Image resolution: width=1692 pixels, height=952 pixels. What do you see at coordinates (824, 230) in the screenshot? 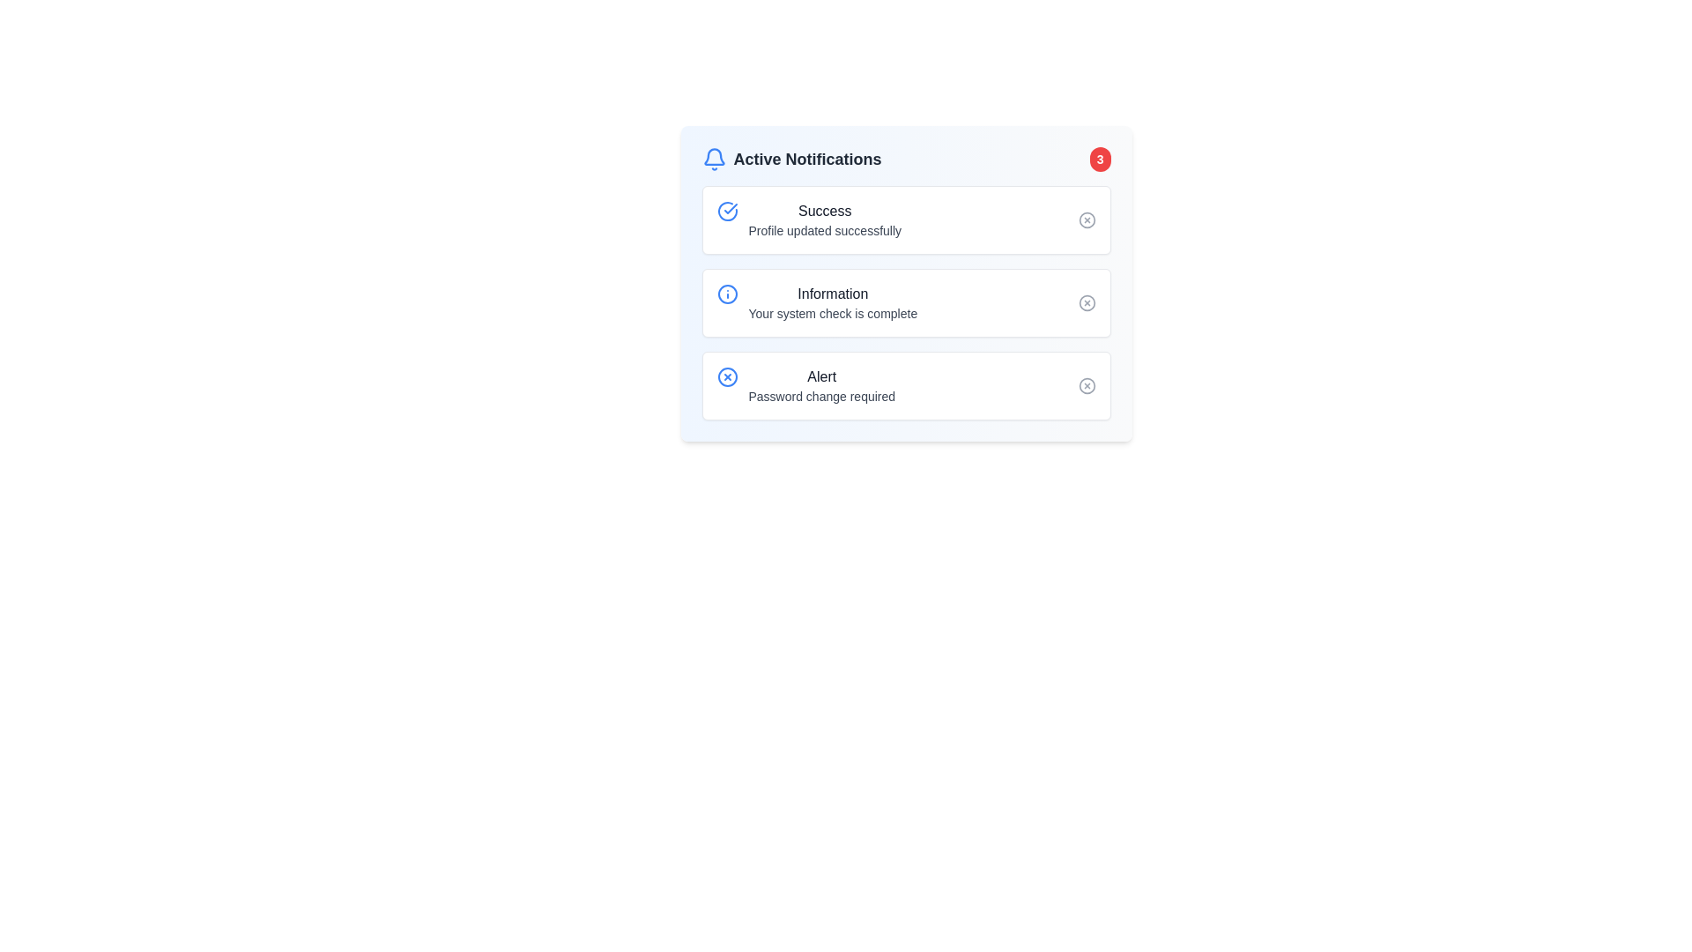
I see `text element that states 'Profile updated successfully', which is styled in a smaller gray font and located directly below the 'Success' label in the first notification tile` at bounding box center [824, 230].